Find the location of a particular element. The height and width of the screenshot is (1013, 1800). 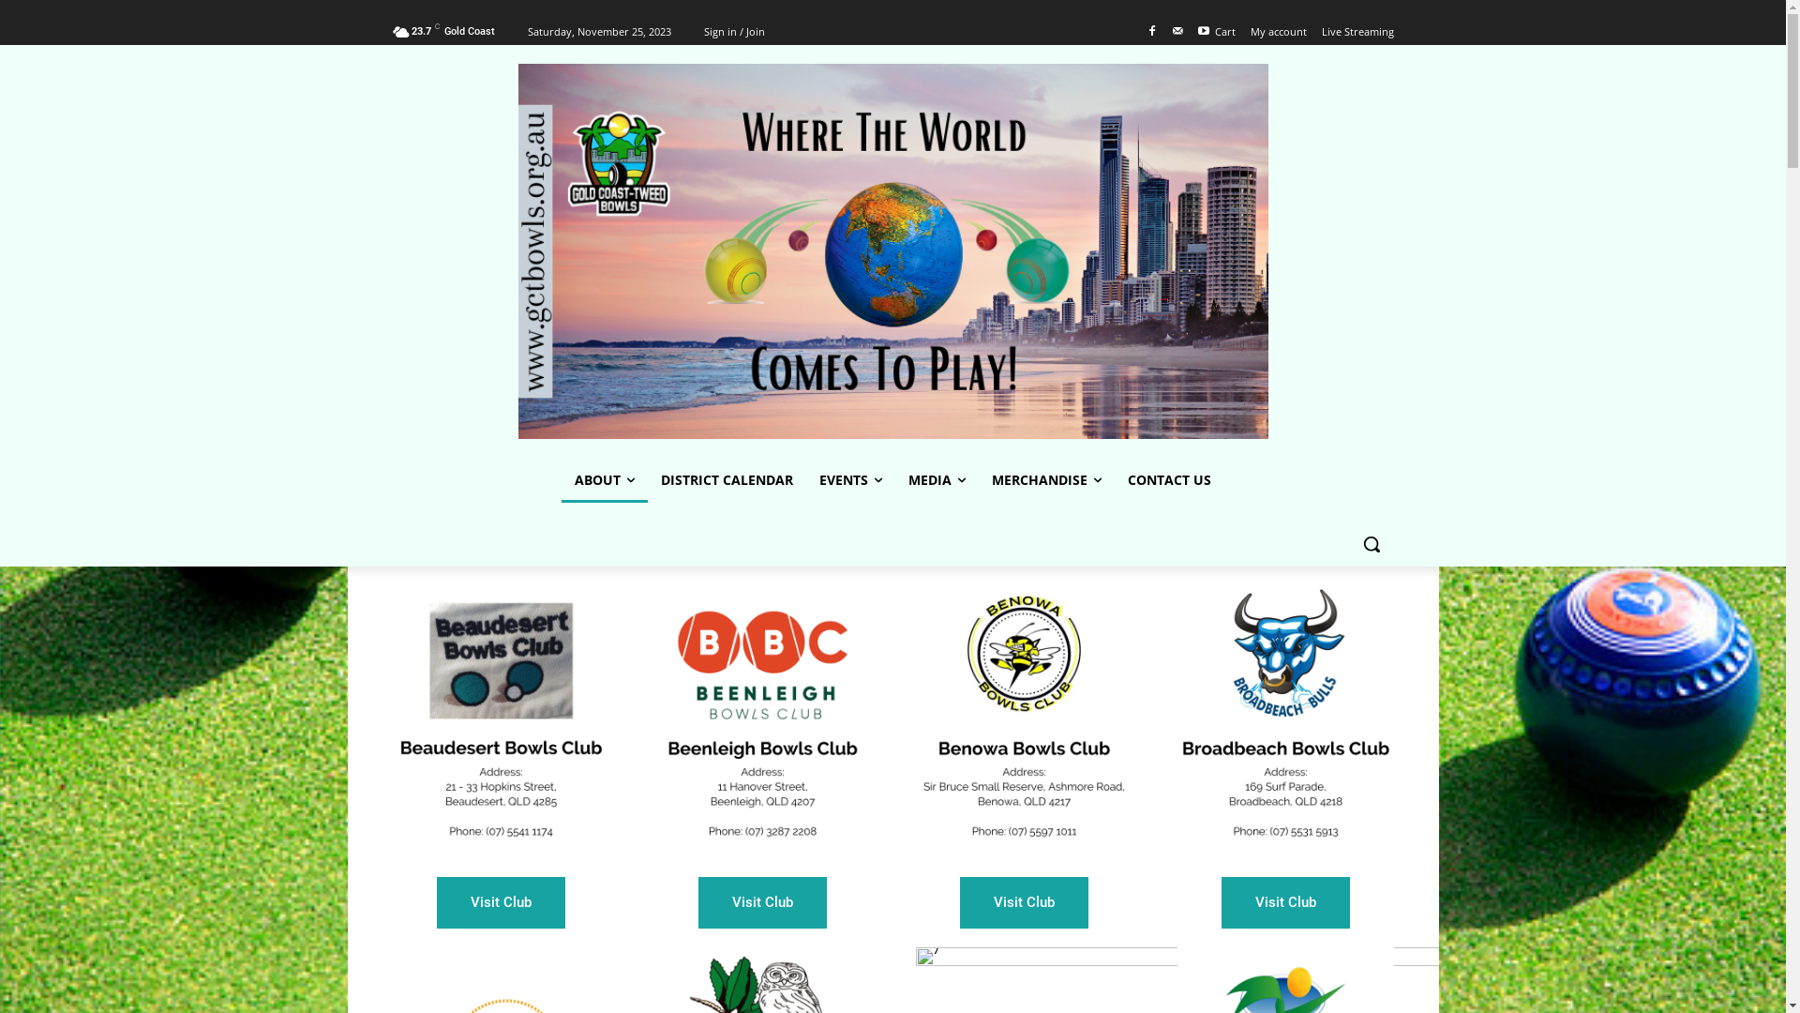

'Facebook' is located at coordinates (1150, 31).